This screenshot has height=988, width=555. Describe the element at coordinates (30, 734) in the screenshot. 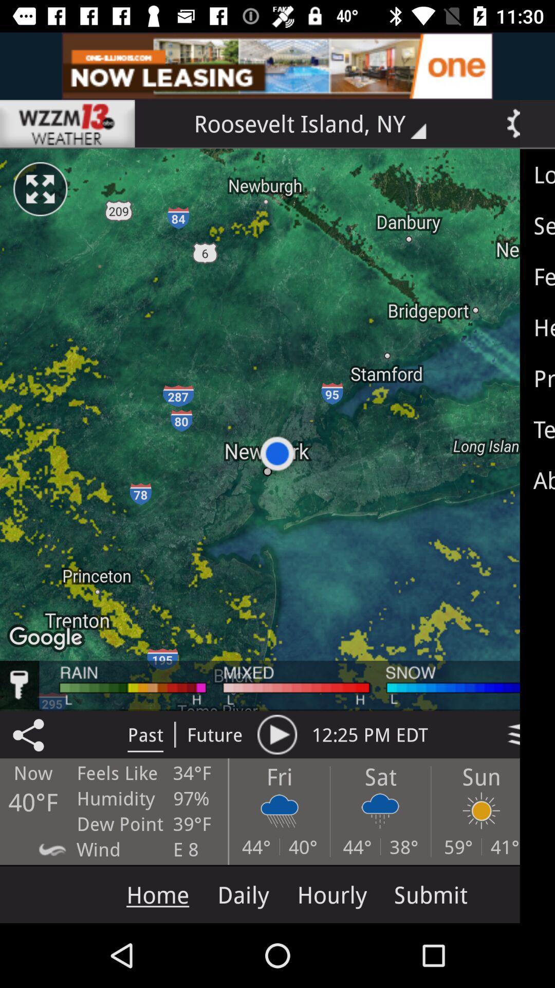

I see `the share icon` at that location.